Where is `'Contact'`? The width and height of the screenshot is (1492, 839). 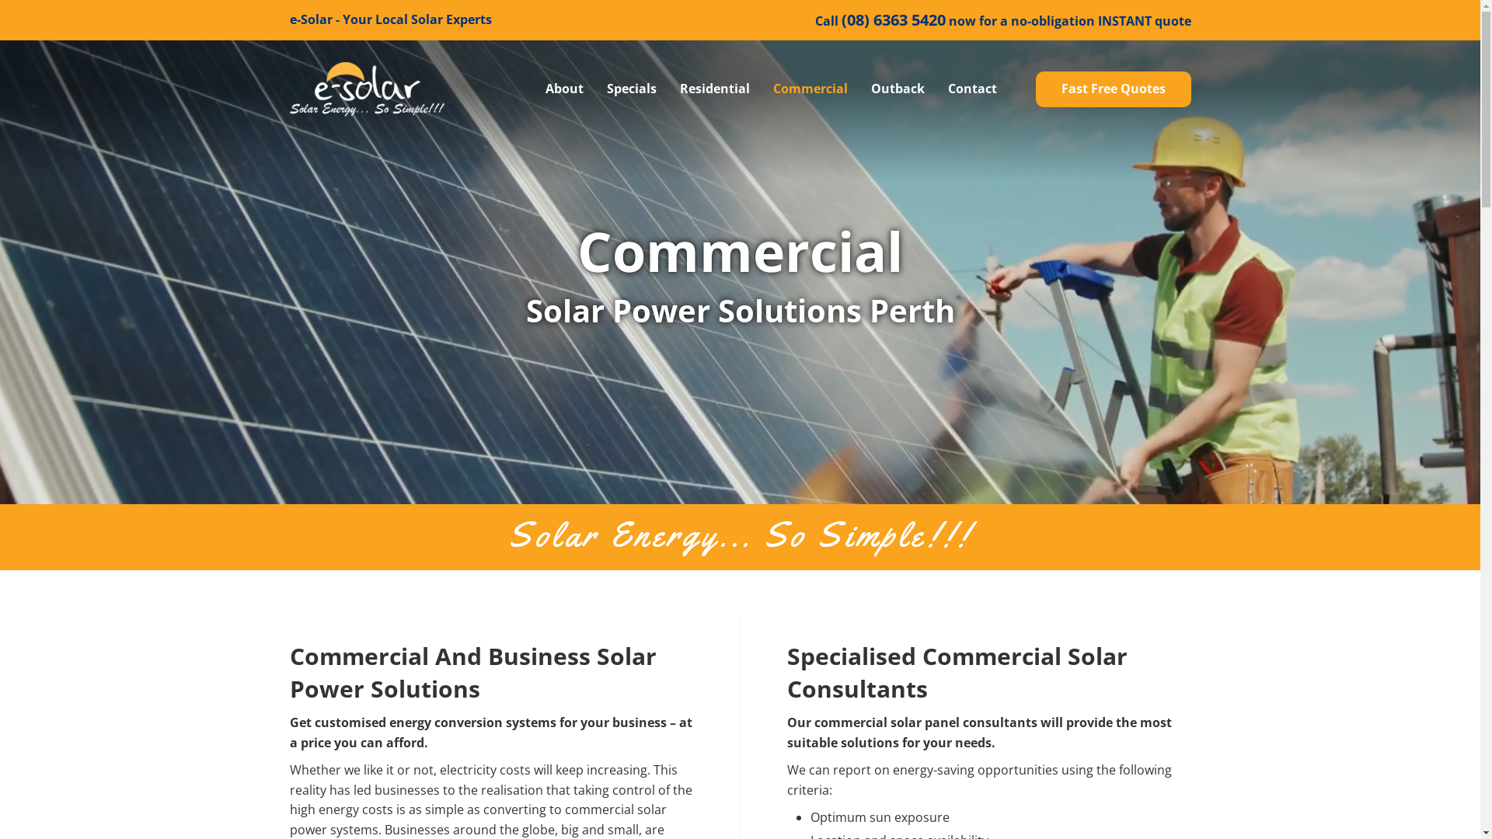 'Contact' is located at coordinates (971, 89).